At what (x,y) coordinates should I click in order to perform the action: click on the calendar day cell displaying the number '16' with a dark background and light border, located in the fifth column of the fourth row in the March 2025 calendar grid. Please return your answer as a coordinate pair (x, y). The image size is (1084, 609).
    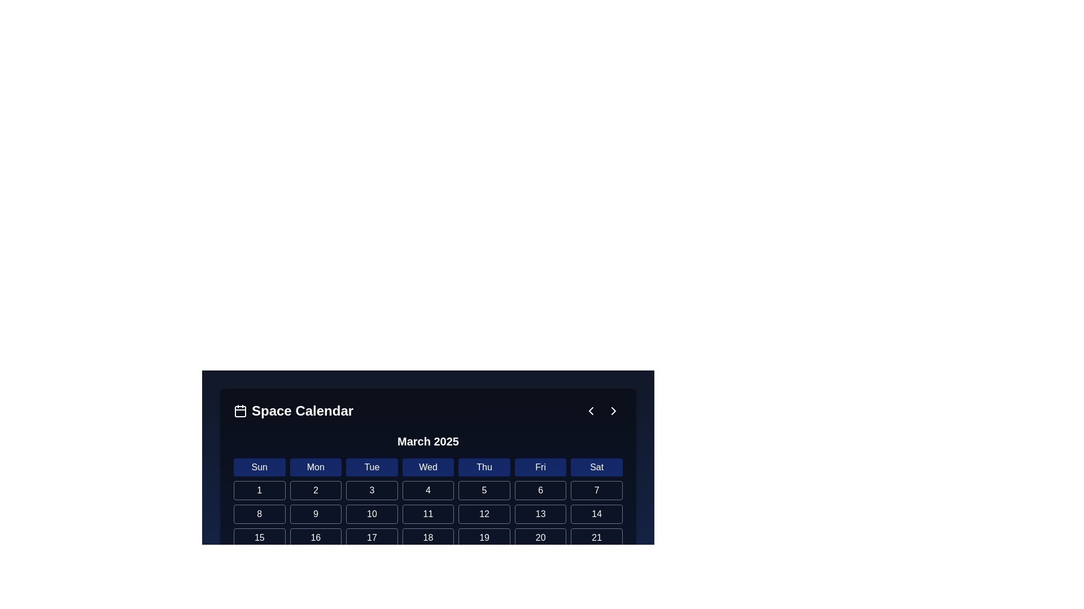
    Looking at the image, I should click on (316, 537).